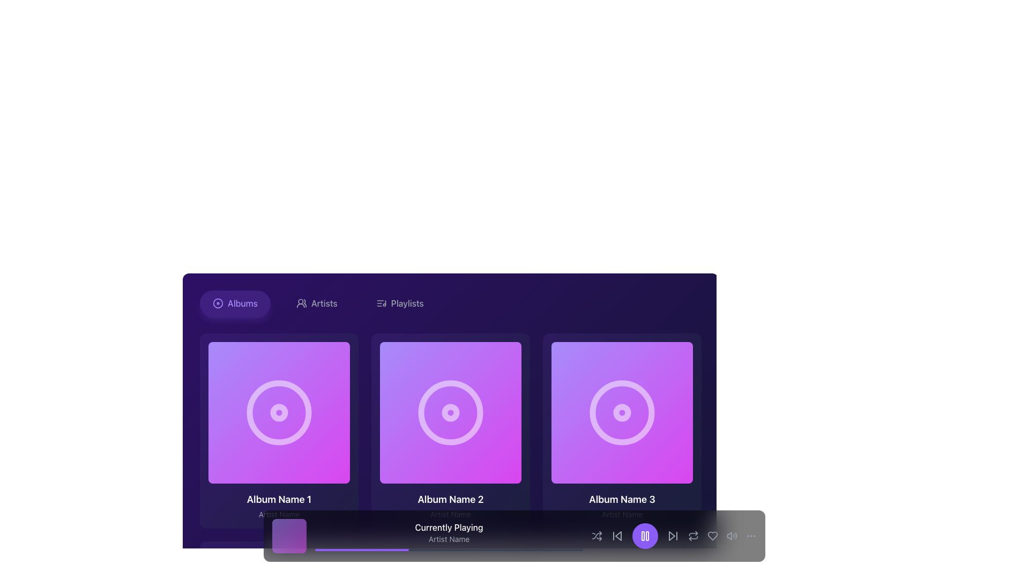  I want to click on the circular violet button with a white pause icon located in the music control bar, so click(645, 536).